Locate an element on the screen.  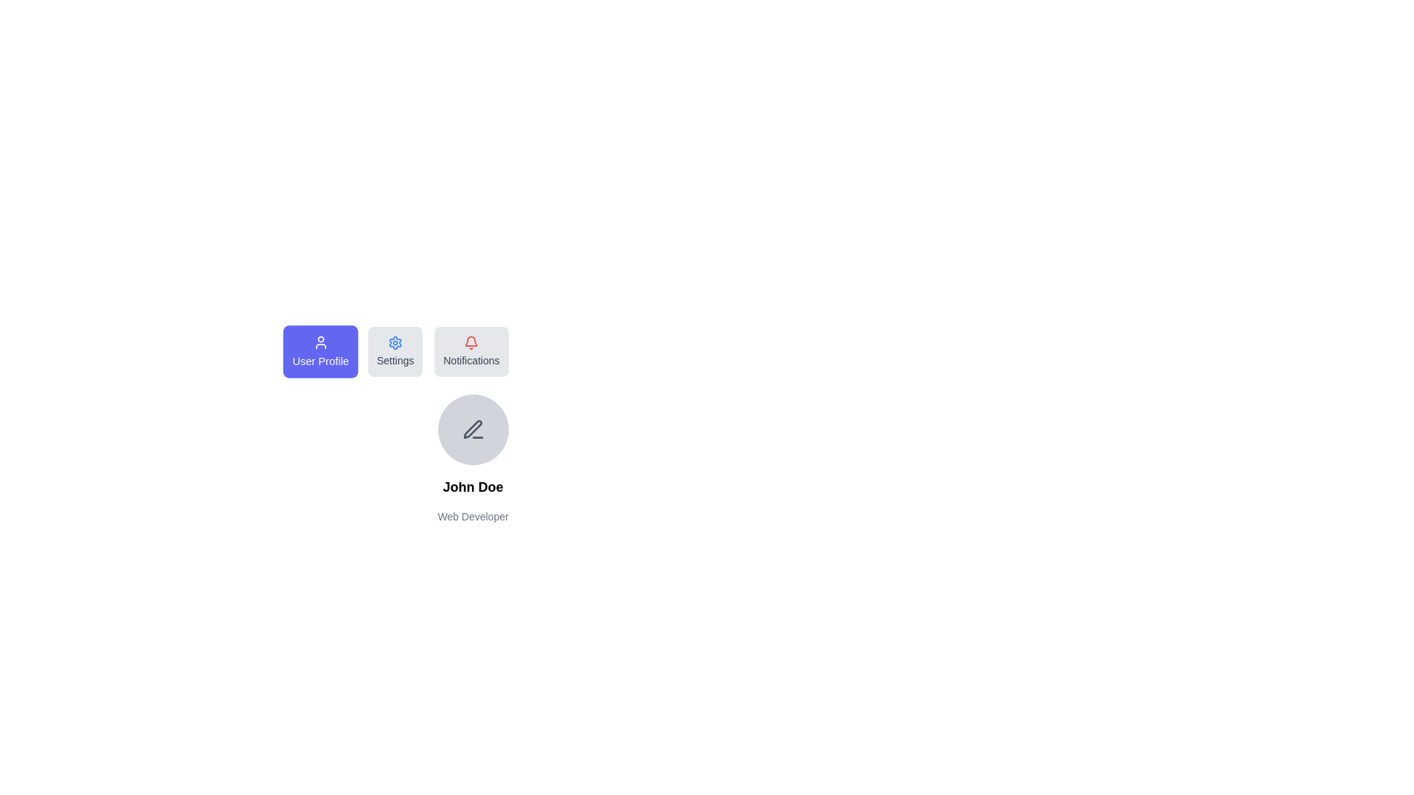
the static text label indicating the profession 'Web Developer' located below the name 'John Doe' in the user profile card is located at coordinates (473, 516).